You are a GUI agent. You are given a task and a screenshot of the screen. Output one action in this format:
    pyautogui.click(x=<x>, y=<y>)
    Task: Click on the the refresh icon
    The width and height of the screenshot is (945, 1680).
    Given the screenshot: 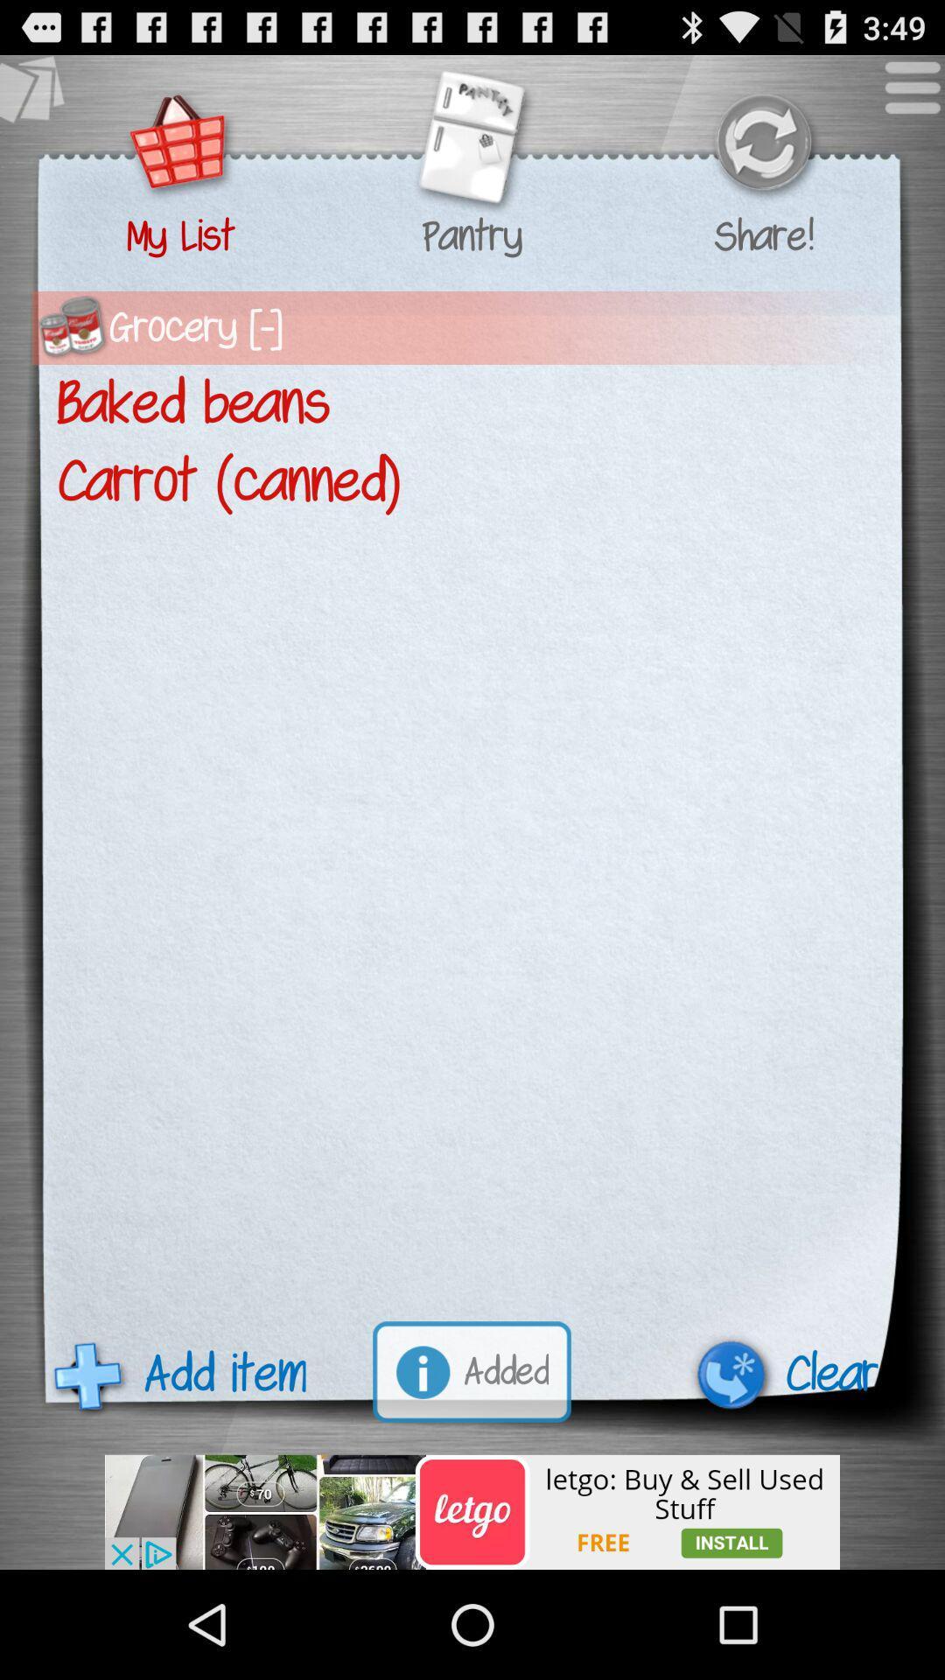 What is the action you would take?
    pyautogui.click(x=762, y=155)
    